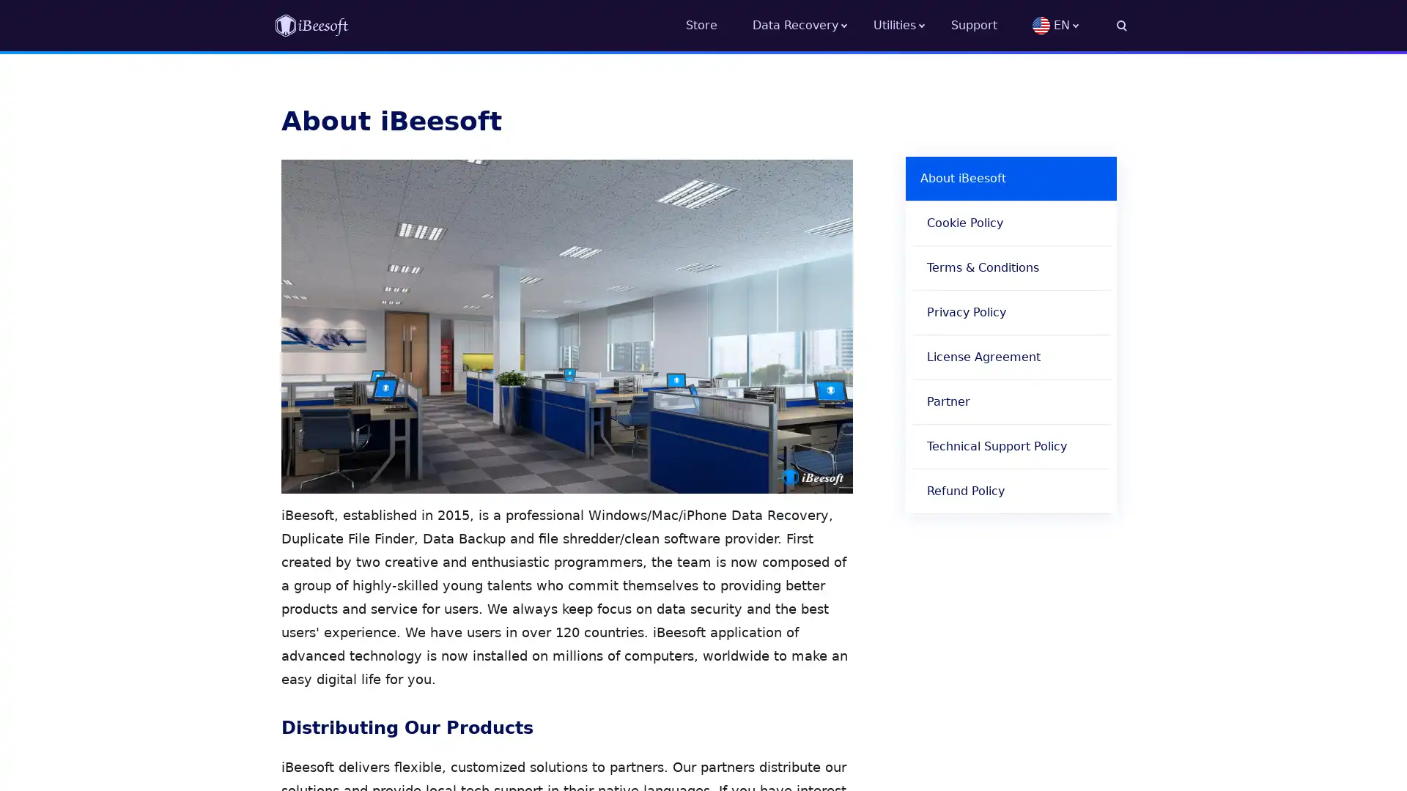 Image resolution: width=1407 pixels, height=791 pixels. I want to click on products, so click(911, 25).